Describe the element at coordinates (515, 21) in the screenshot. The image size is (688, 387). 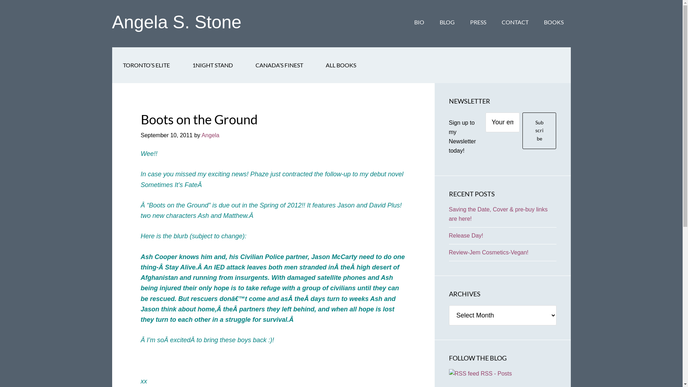
I see `'CONTACT'` at that location.